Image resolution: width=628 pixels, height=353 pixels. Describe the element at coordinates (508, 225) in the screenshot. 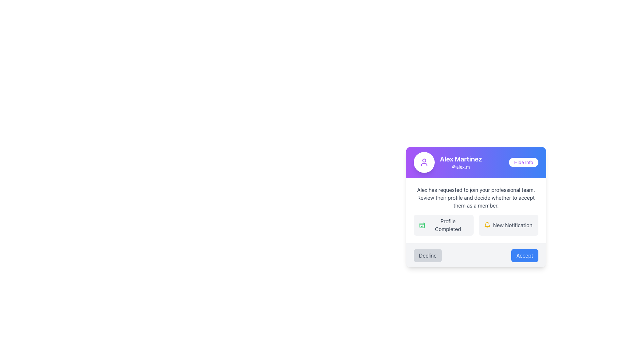

I see `the Text with Icon Label notification indicator, which is the second item in the grid layout, positioned to the right of the 'Profile Completed' element` at that location.